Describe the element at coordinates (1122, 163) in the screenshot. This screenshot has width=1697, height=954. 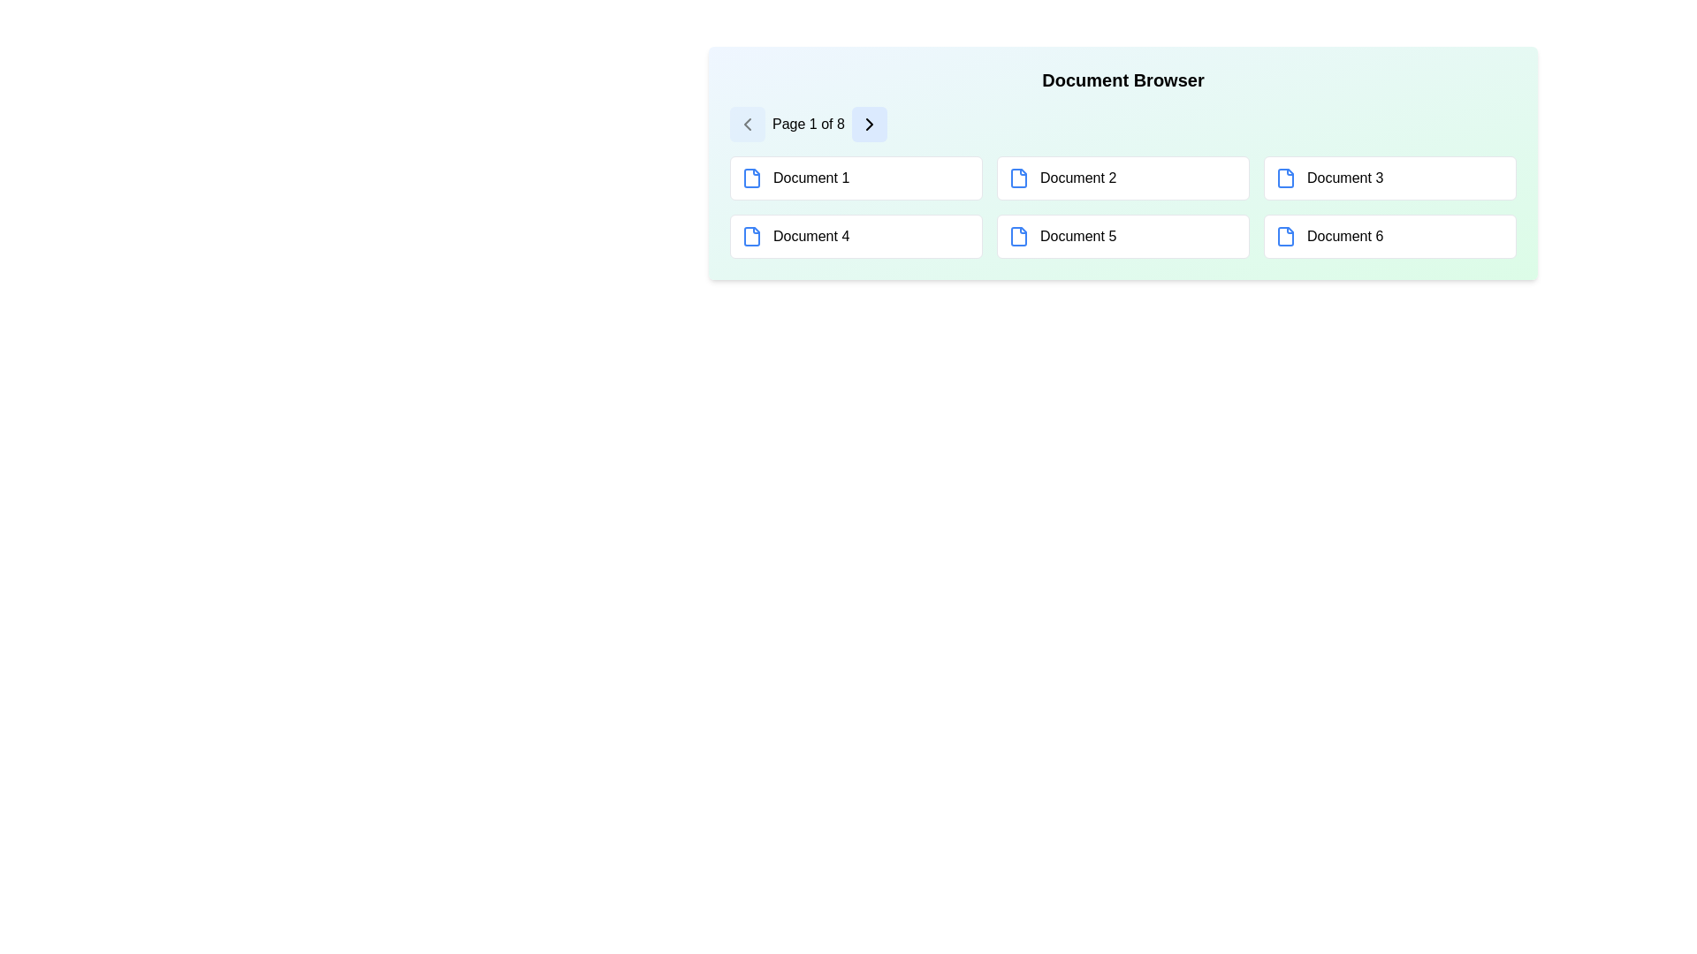
I see `the Document thumbnail representing 'Document 2' in the grid layout` at that location.